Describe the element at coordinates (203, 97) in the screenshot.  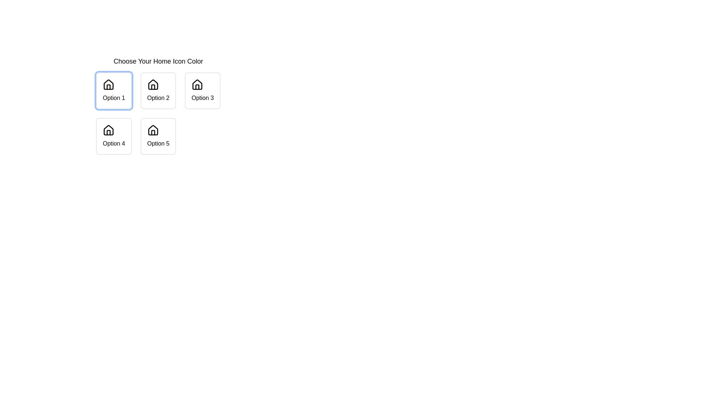
I see `the static text label displaying 'Option 3' which is bold and centered in its box, located beneath the house icon and aligned with similar options in the grid layout` at that location.